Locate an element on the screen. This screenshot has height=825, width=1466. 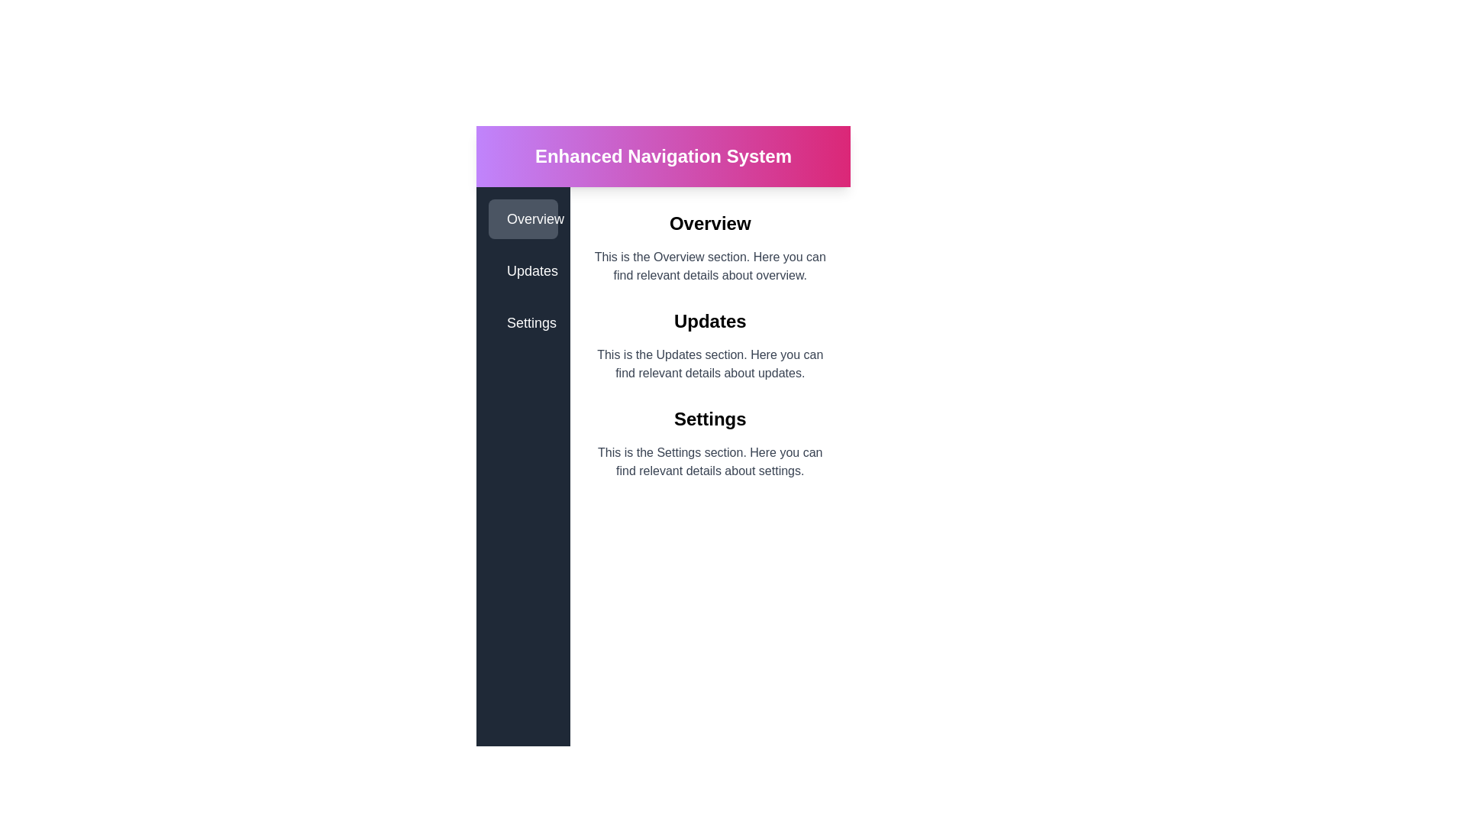
the navigation link labeled 'Updates', which is the second item in the vertical menu on the left sidebar is located at coordinates (523, 270).